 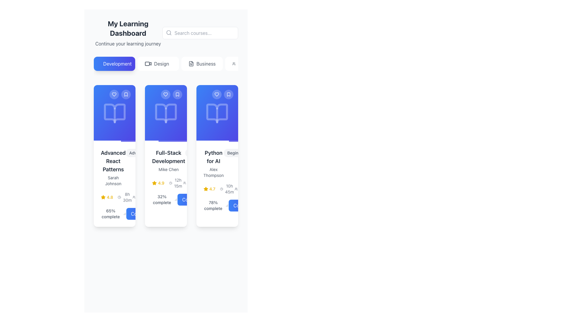 I want to click on the heart icon located in the top-left corner of the second card, which serves as a favorite button for marking the associated course, so click(x=165, y=94).